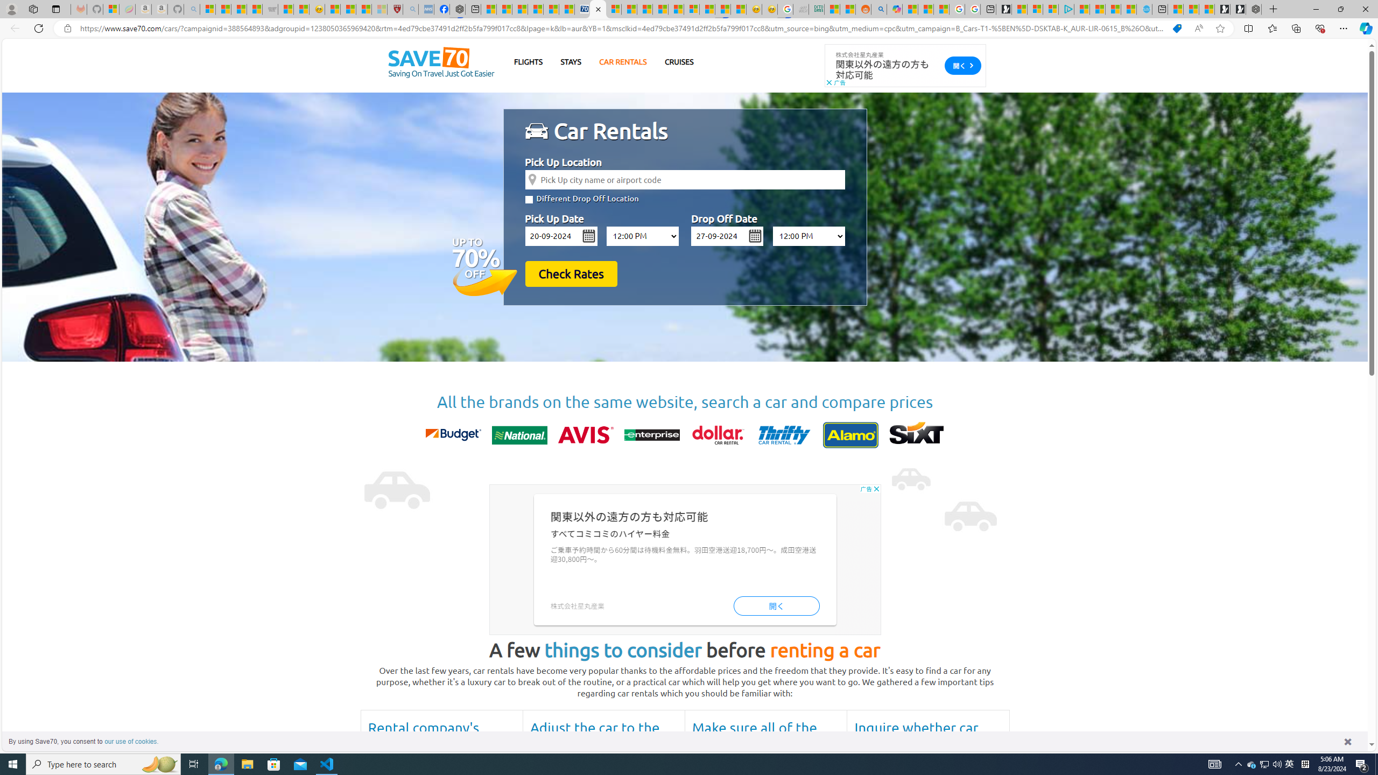  Describe the element at coordinates (876, 488) in the screenshot. I see `'AutomationID: cbb'` at that location.